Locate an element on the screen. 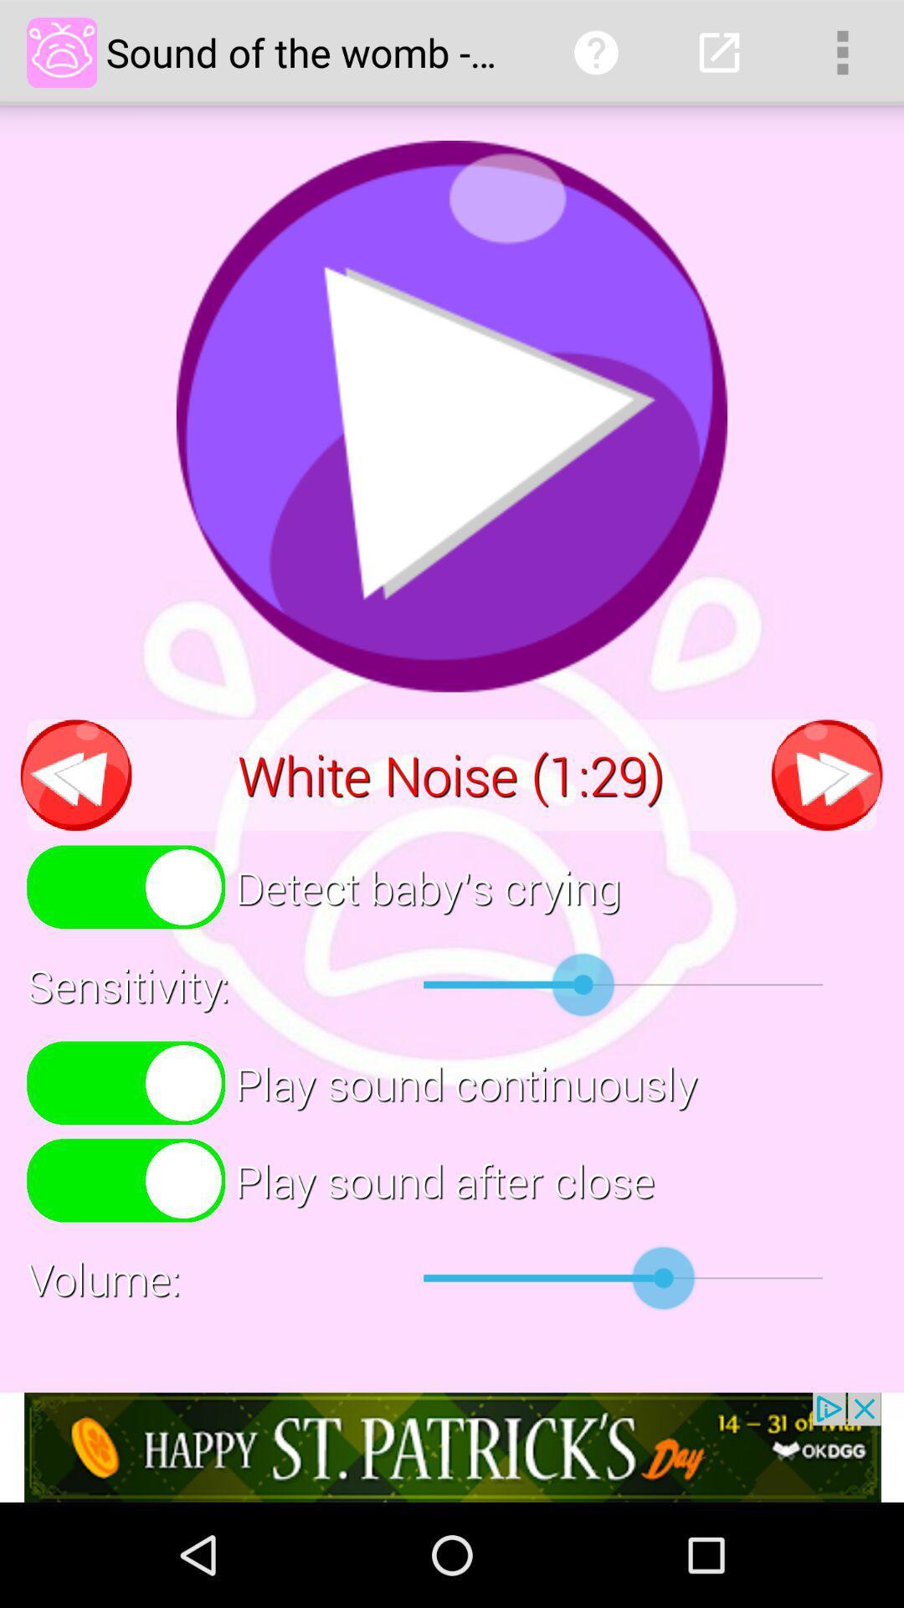  play opption is located at coordinates (452, 416).